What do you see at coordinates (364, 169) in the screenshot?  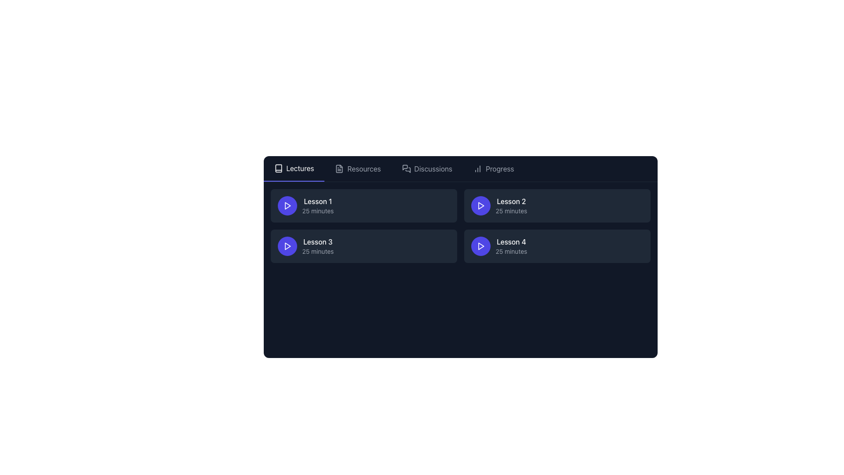 I see `text label 'Resources' which is the second tab from the left in the horizontal navigation bar positioned at the top of the interface` at bounding box center [364, 169].